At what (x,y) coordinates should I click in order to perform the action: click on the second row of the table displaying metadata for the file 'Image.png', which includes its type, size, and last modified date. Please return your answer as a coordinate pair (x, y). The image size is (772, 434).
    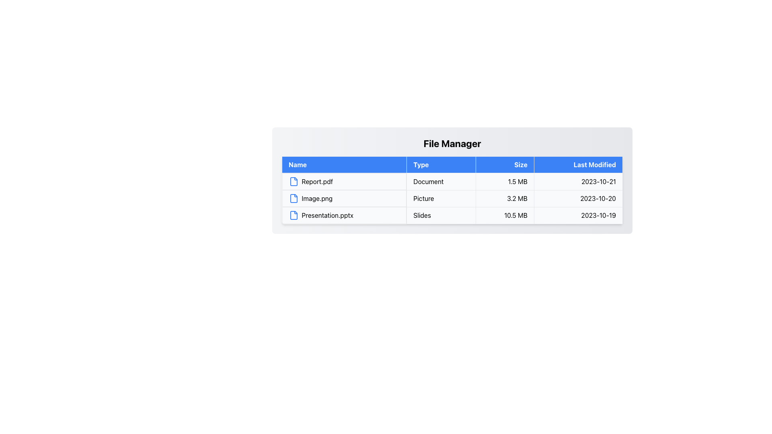
    Looking at the image, I should click on (452, 198).